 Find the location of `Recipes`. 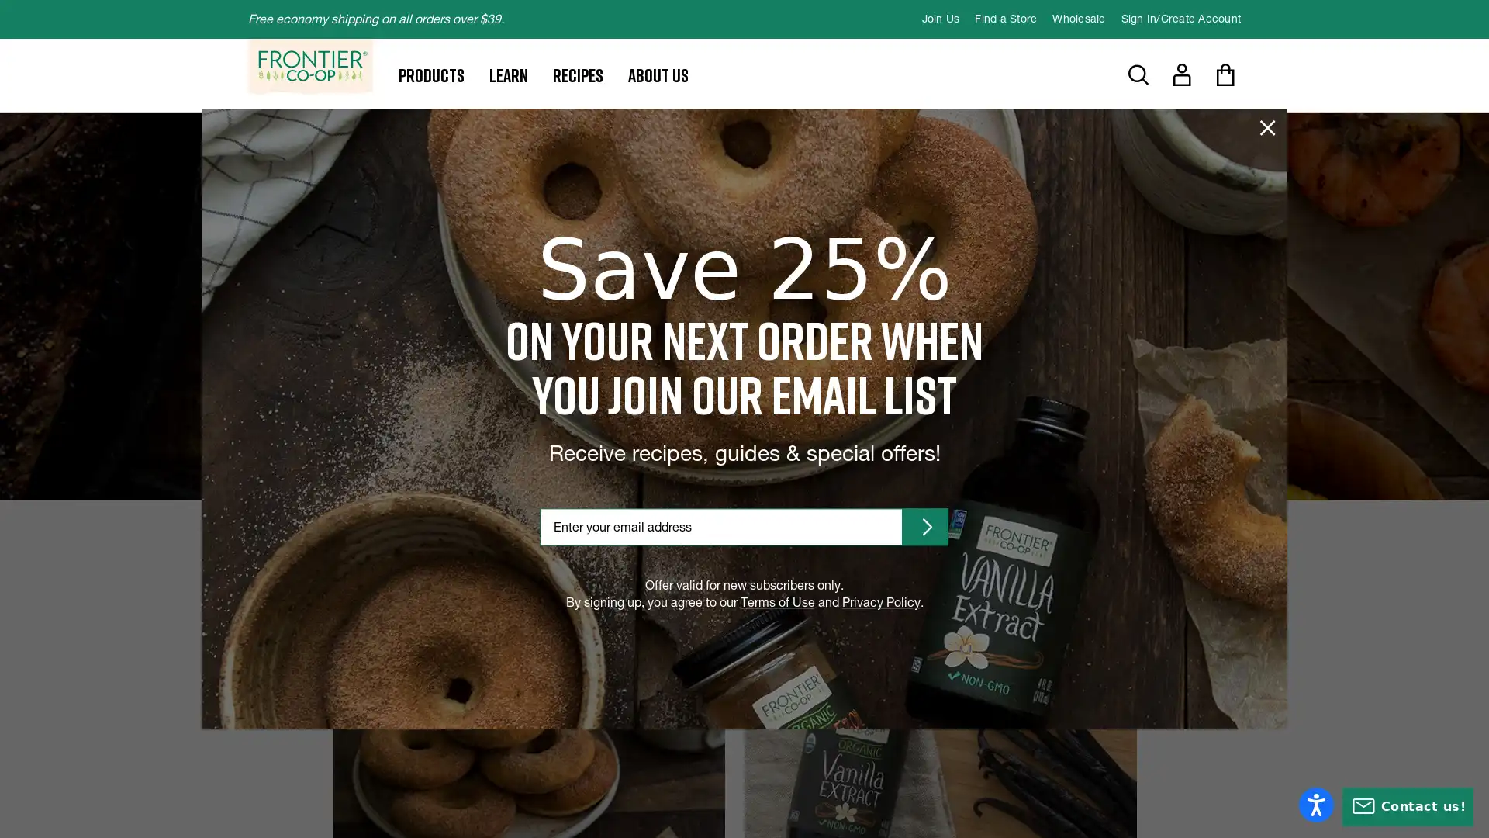

Recipes is located at coordinates (577, 74).